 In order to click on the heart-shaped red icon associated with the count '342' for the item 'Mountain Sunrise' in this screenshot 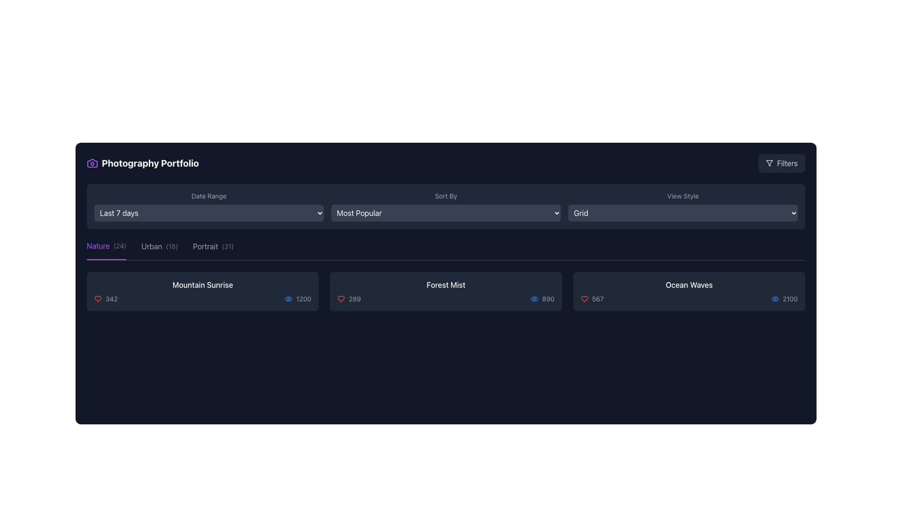, I will do `click(98, 299)`.